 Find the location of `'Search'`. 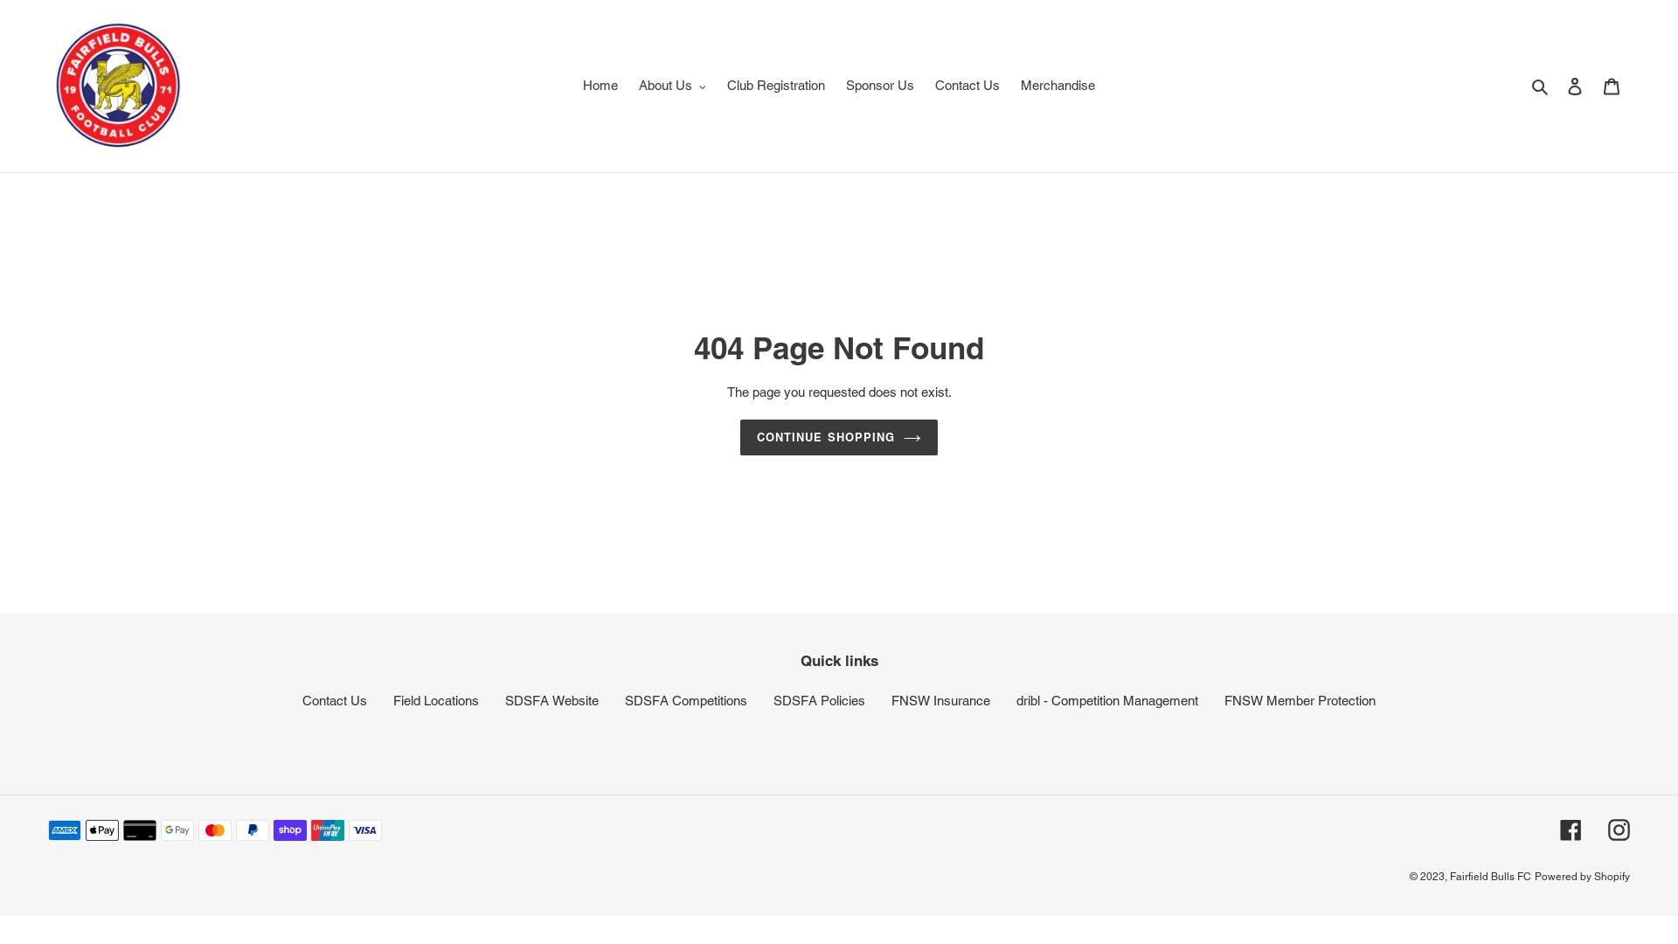

'Search' is located at coordinates (1541, 86).